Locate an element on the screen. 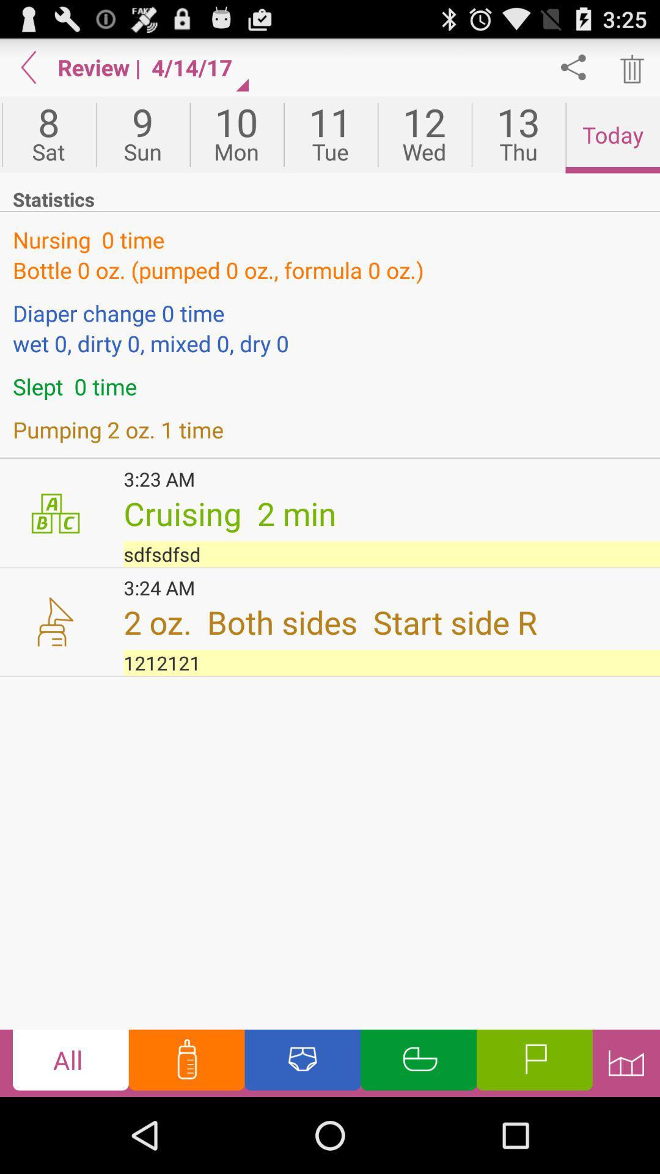 This screenshot has width=660, height=1174. the app above the statistics app is located at coordinates (237, 135).